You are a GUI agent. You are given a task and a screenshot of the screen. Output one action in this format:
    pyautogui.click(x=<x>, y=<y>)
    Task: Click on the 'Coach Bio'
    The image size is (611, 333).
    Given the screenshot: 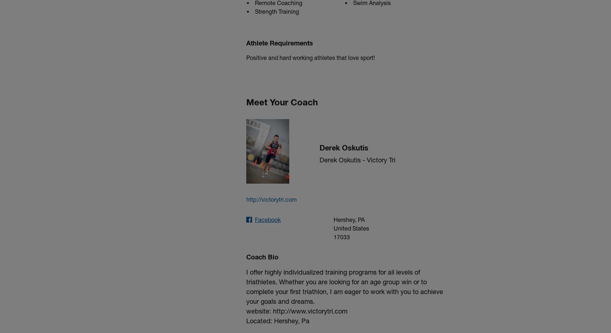 What is the action you would take?
    pyautogui.click(x=262, y=256)
    